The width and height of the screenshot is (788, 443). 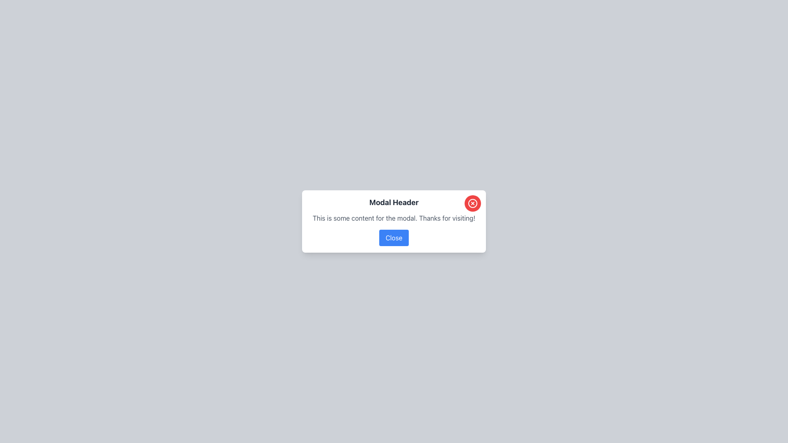 What do you see at coordinates (394, 202) in the screenshot?
I see `the header text located at the top of the modal dialog, which serves as the title for the modal's purpose` at bounding box center [394, 202].